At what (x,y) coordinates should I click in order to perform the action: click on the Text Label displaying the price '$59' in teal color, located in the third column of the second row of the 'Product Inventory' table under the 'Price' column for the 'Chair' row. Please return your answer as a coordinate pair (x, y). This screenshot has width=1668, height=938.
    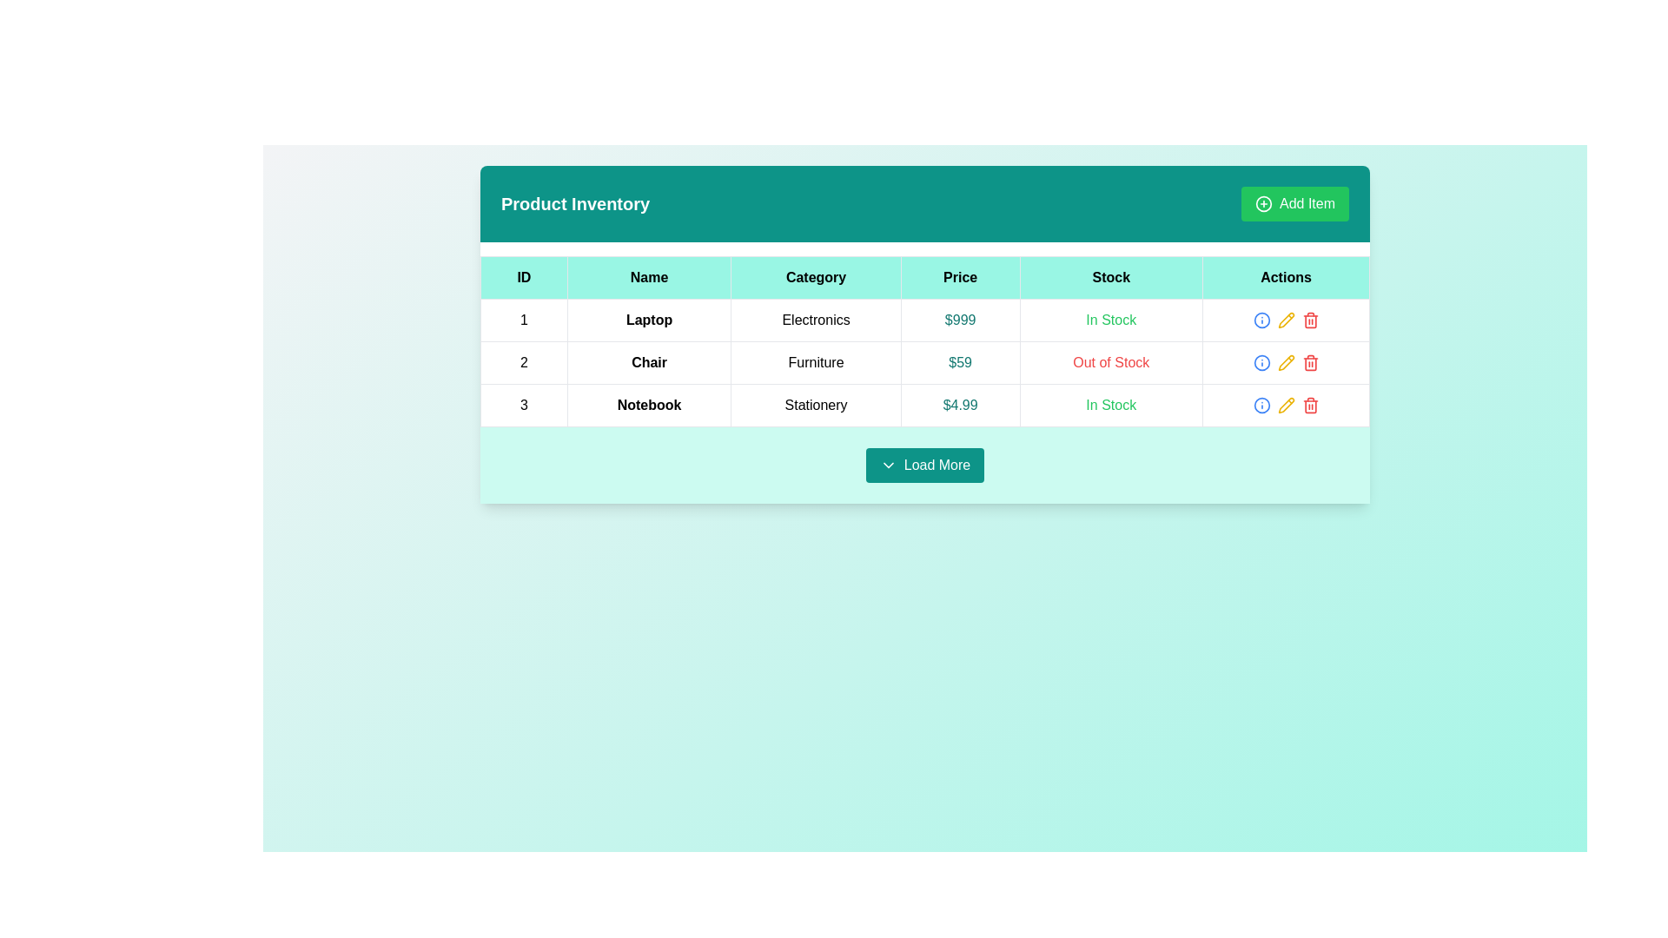
    Looking at the image, I should click on (959, 361).